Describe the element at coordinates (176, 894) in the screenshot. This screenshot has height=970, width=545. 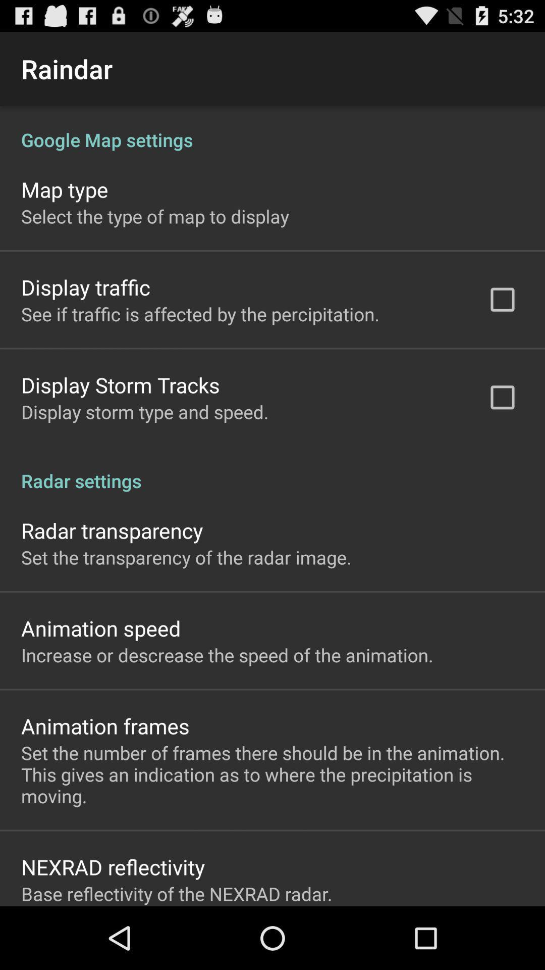
I see `the base reflectivity of` at that location.